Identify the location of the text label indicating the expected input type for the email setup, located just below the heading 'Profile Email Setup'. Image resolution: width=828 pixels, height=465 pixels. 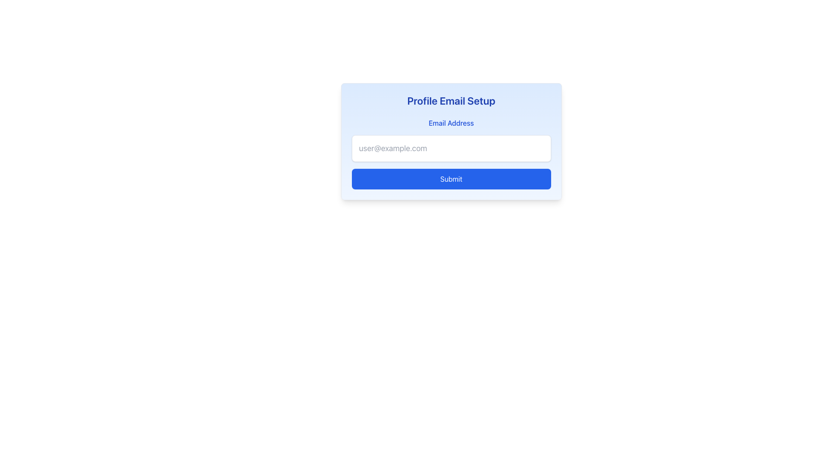
(451, 123).